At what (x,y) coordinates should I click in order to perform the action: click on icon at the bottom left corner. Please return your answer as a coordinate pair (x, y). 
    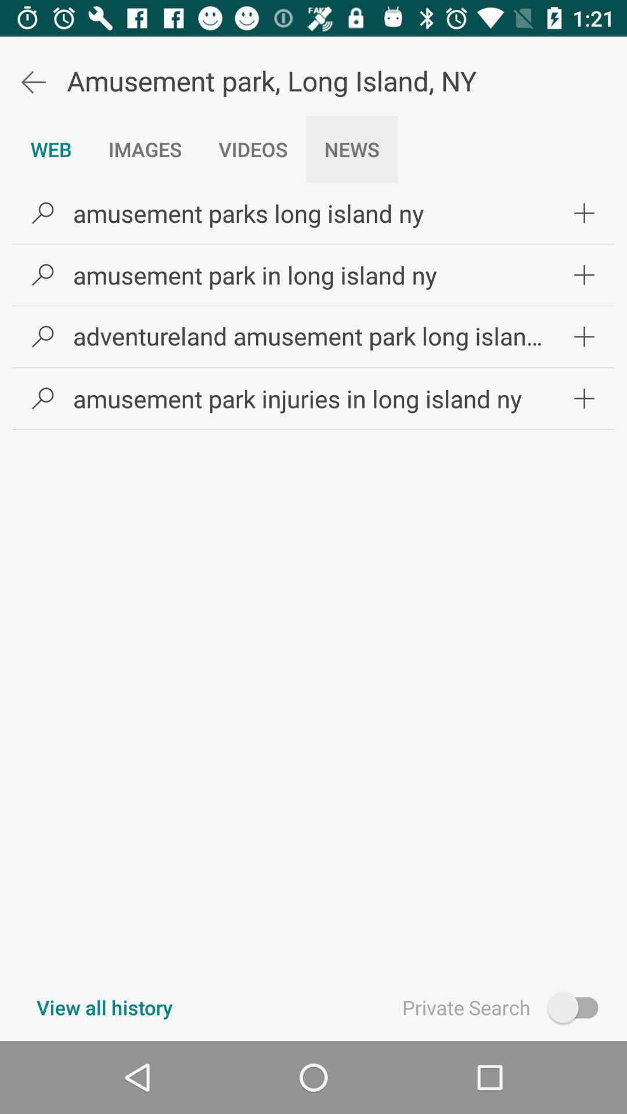
    Looking at the image, I should click on (105, 1007).